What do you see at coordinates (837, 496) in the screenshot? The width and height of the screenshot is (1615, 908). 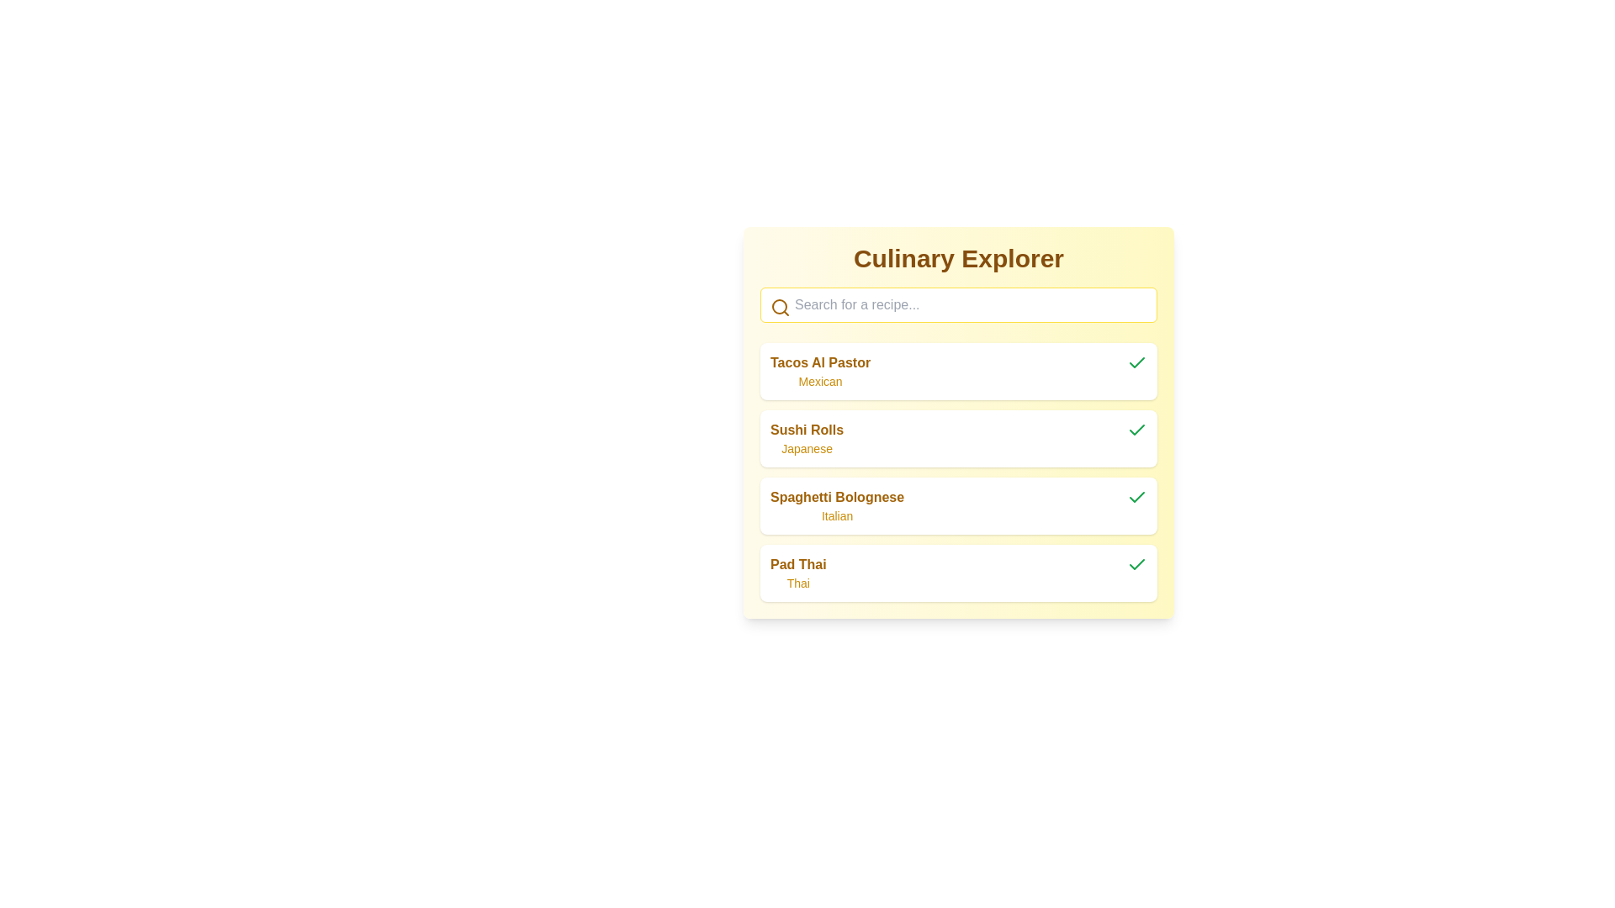 I see `on the text label displaying the recipe name 'Spaghetti Bolognese', which is the third entry in a vertically stacked list of recipes, located above the text 'Italian'` at bounding box center [837, 496].